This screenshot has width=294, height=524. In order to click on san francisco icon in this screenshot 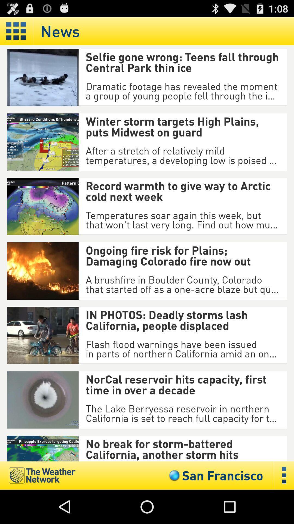, I will do `click(215, 475)`.